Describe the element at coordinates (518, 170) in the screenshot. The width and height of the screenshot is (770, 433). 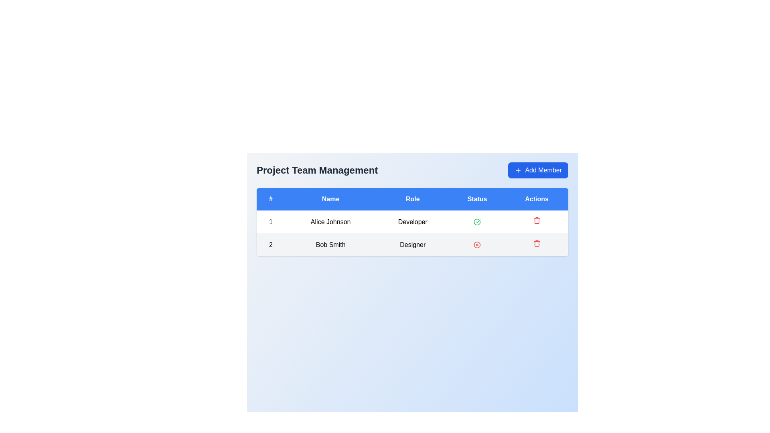
I see `the 'Add Member' button icon located on the left of the text 'Add Member' in the top-right corner of the Project Team Management interface, which has a blue background and white text` at that location.